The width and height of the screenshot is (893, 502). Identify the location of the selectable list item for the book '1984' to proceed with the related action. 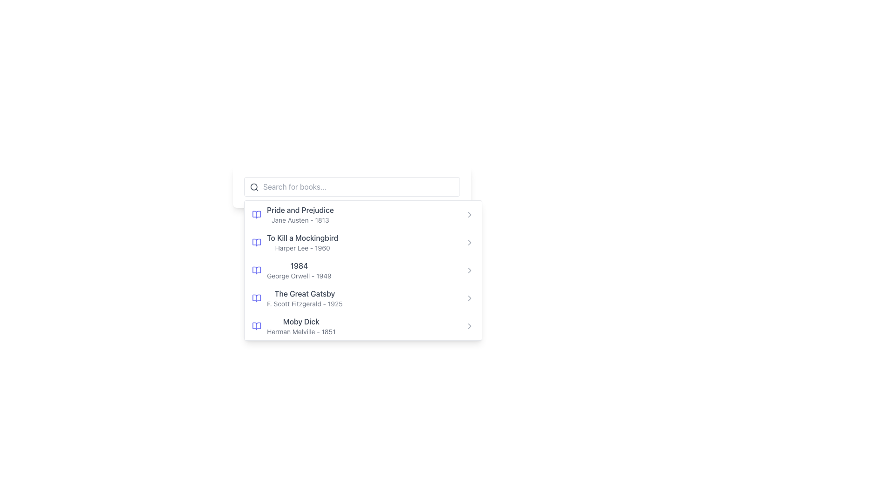
(363, 271).